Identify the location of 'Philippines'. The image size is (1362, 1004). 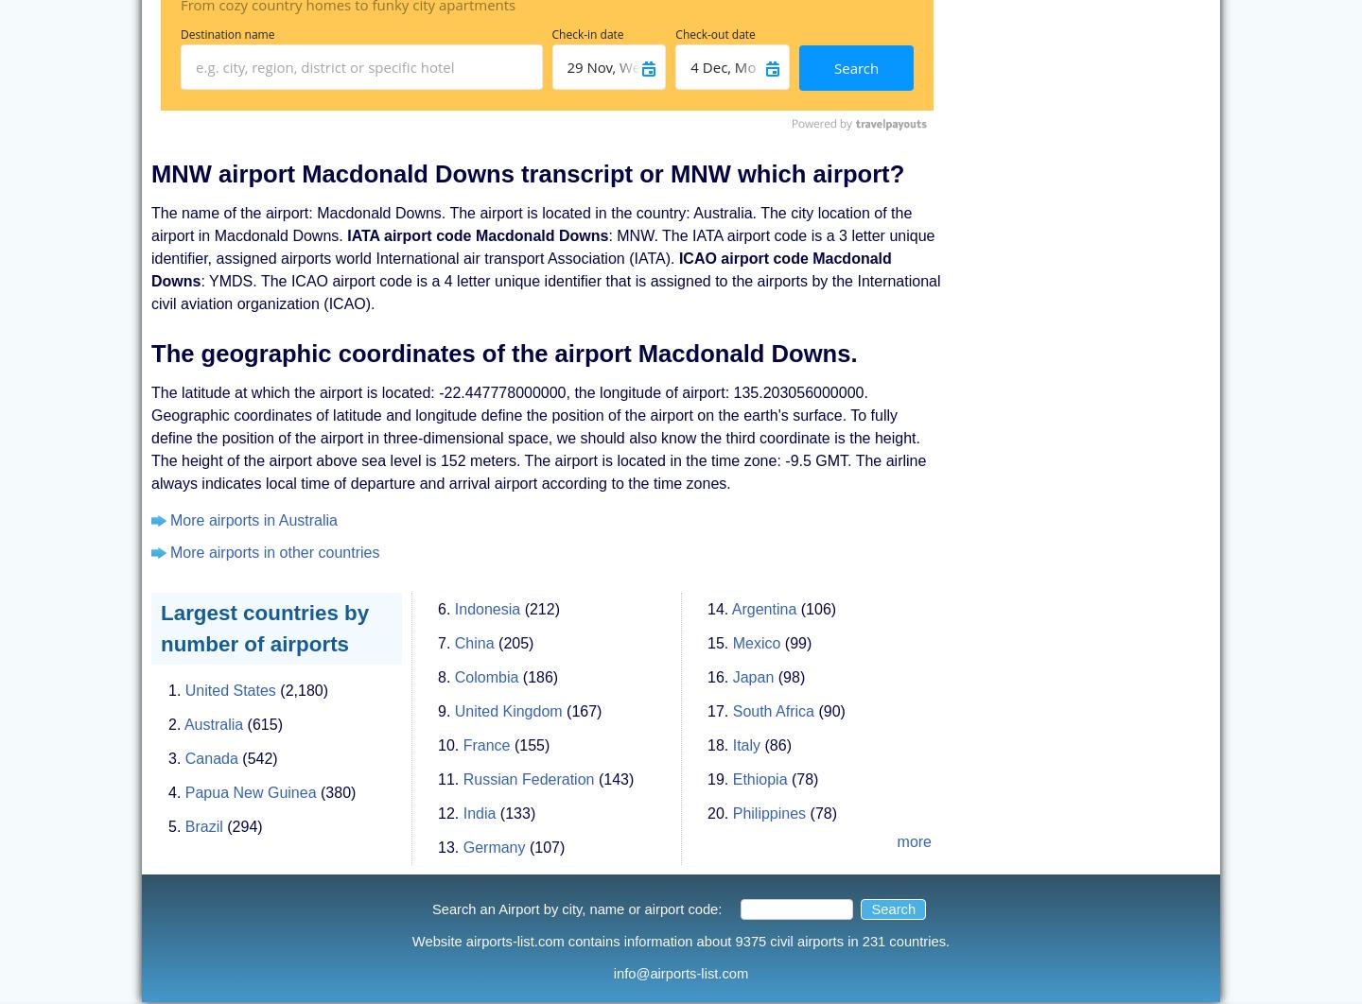
(731, 791).